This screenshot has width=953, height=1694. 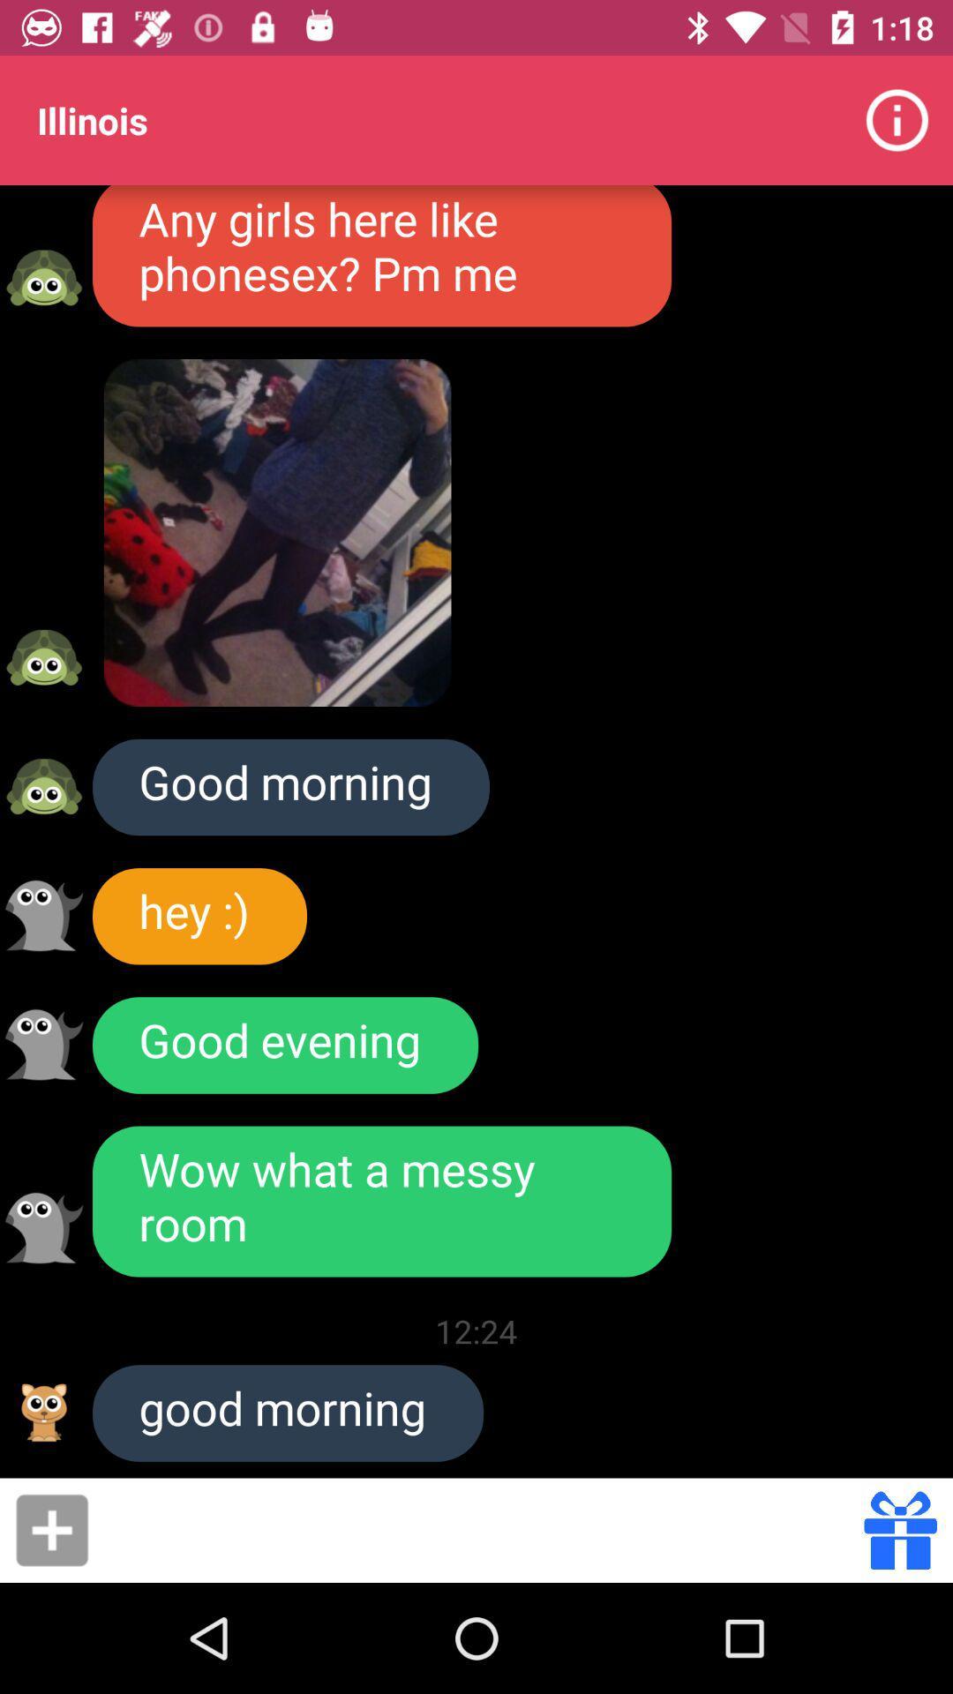 What do you see at coordinates (482, 1529) in the screenshot?
I see `item below the good morning  icon` at bounding box center [482, 1529].